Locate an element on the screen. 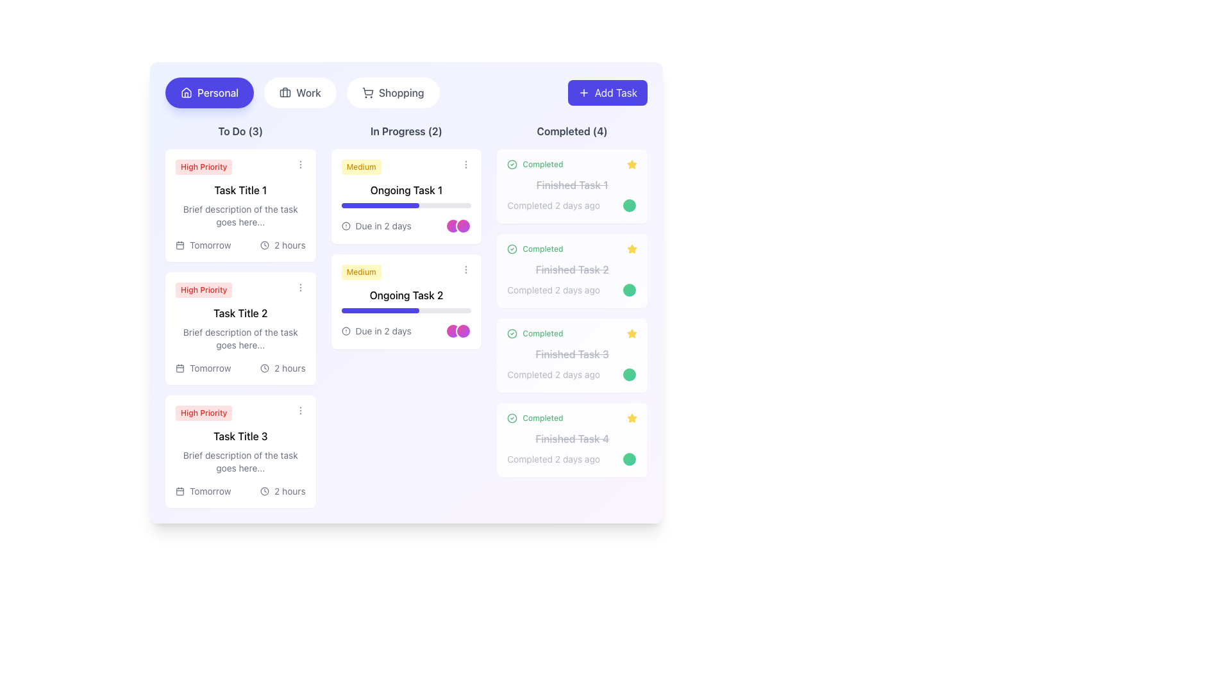 The width and height of the screenshot is (1231, 692). the yellow star-shaped icon used for marking or favoriting, located in the 'Completed' section next to 'Finished Task 2' is located at coordinates (632, 249).